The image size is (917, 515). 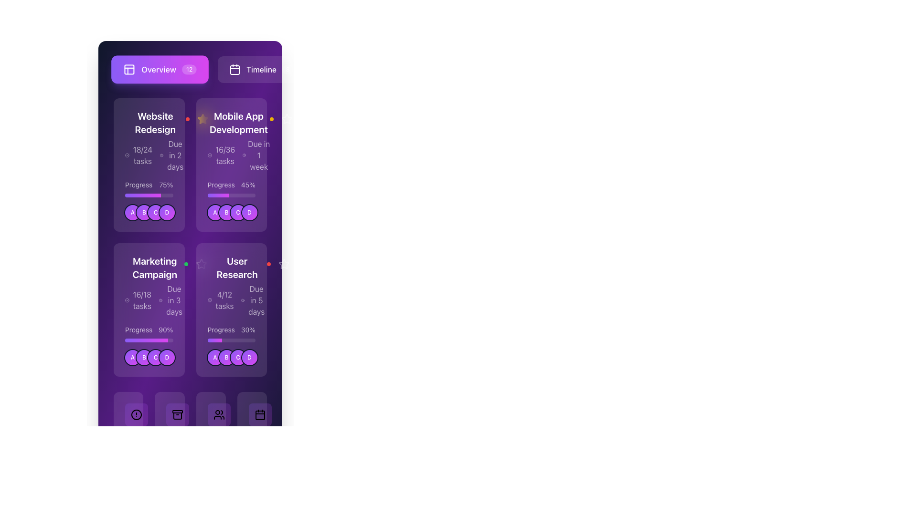 I want to click on the icon button resembling a group of users in the bottom navigation bar, so click(x=218, y=414).